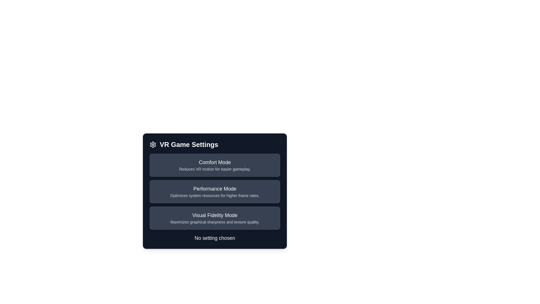 The width and height of the screenshot is (540, 304). Describe the element at coordinates (214, 218) in the screenshot. I see `the 'Visual Fidelity Mode' text element in the settings list` at that location.